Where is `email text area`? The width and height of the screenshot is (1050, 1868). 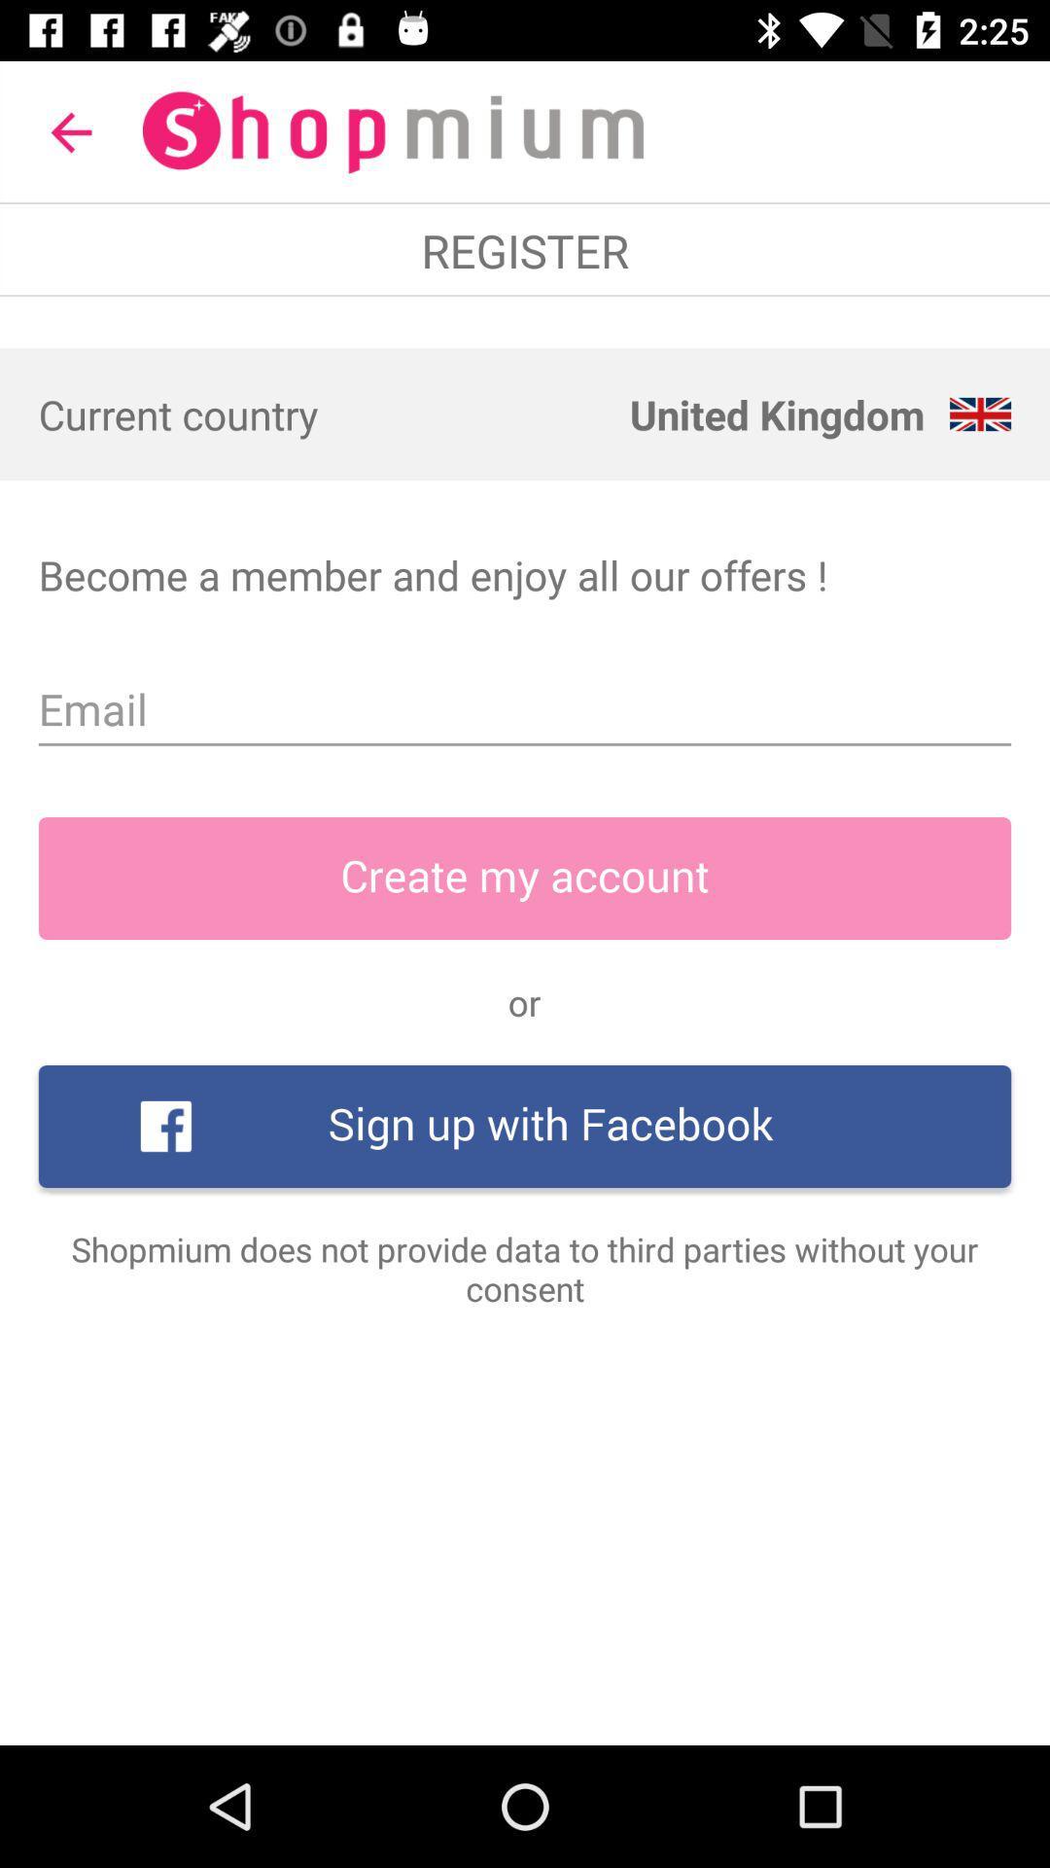 email text area is located at coordinates (525, 708).